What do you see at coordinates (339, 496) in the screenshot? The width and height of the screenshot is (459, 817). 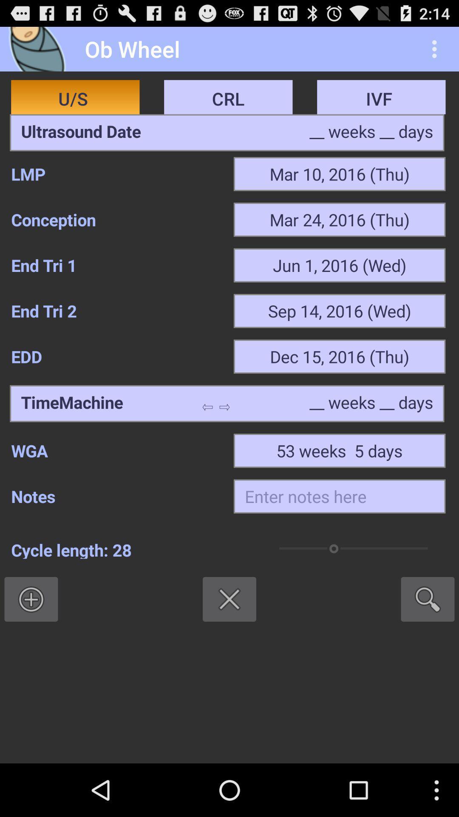 I see `notes` at bounding box center [339, 496].